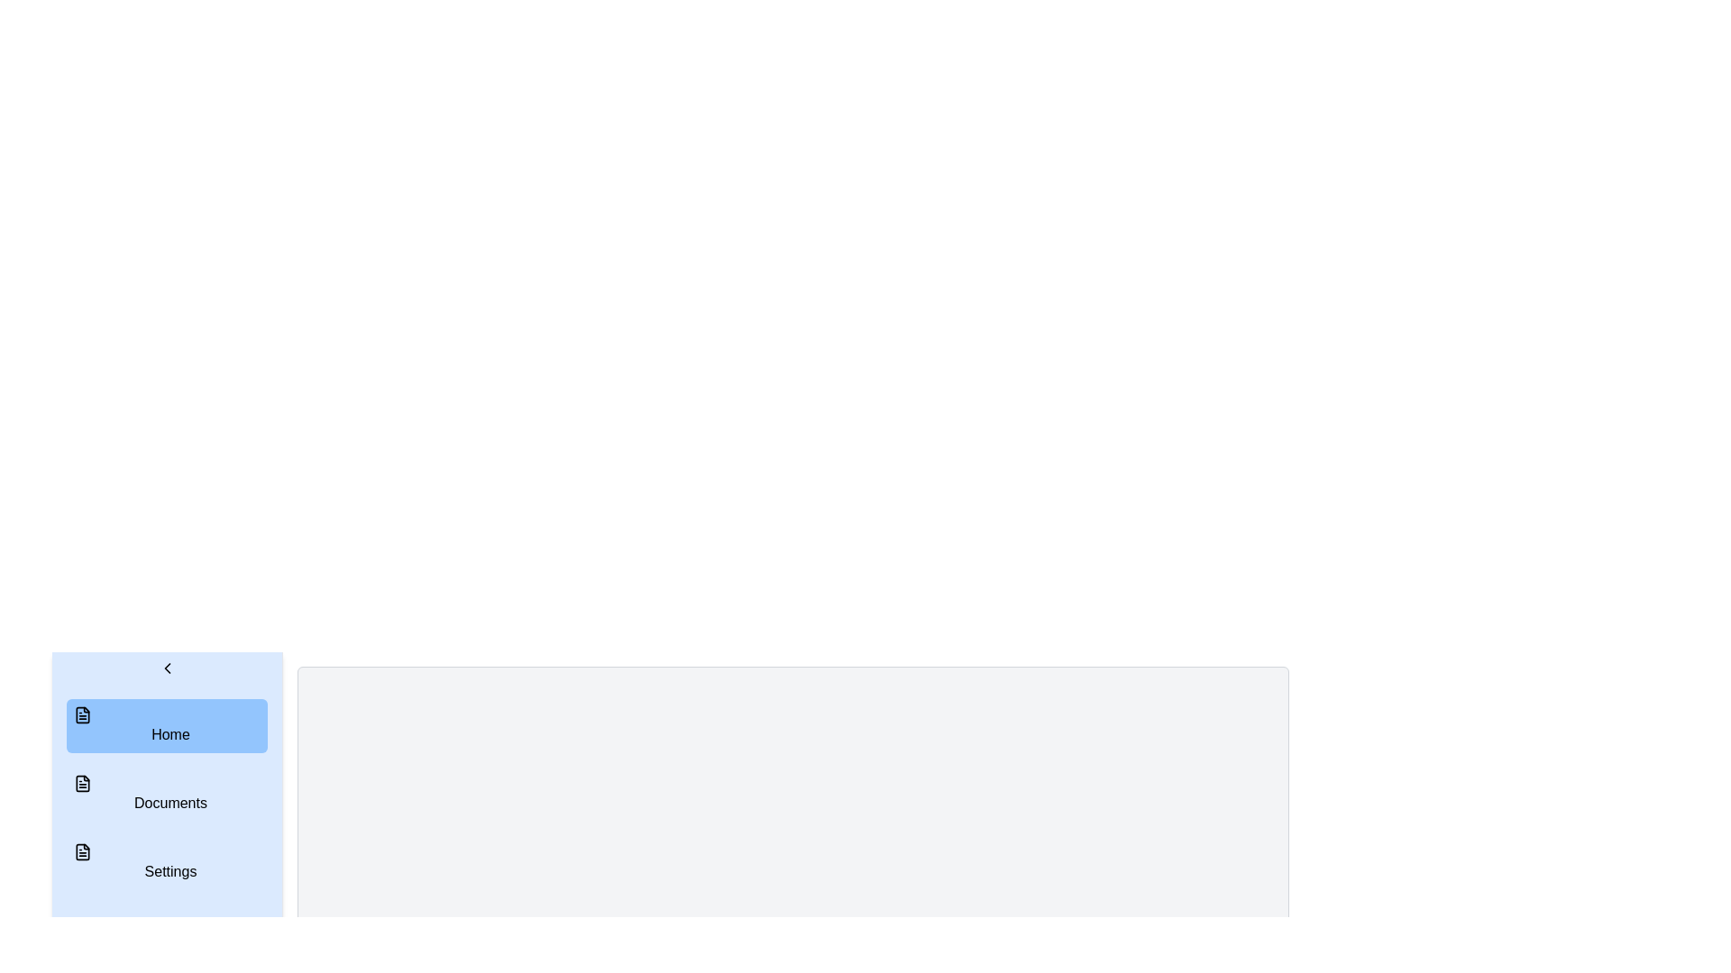  What do you see at coordinates (167, 668) in the screenshot?
I see `the navigation control icon located in the top-left corner of the vertical menu panel, positioned above the 'Home' button` at bounding box center [167, 668].